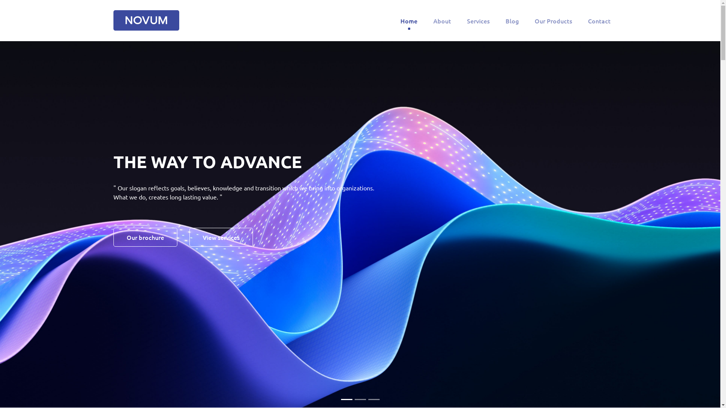  Describe the element at coordinates (553, 20) in the screenshot. I see `'Our Products'` at that location.